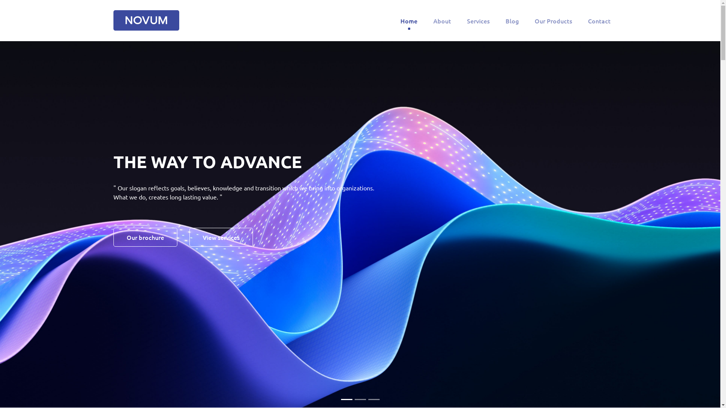  Describe the element at coordinates (553, 20) in the screenshot. I see `'Our Products'` at that location.